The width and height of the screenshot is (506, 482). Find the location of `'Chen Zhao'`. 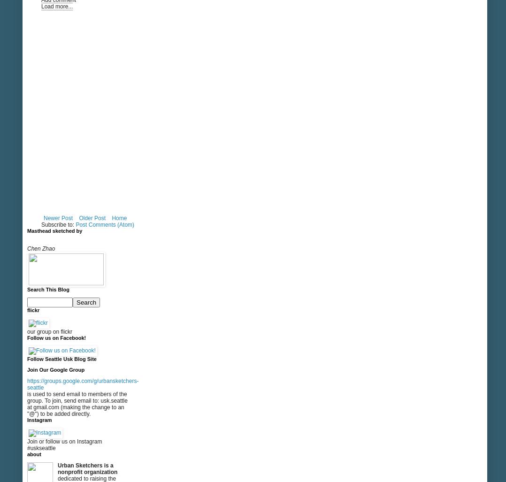

'Chen Zhao' is located at coordinates (40, 248).